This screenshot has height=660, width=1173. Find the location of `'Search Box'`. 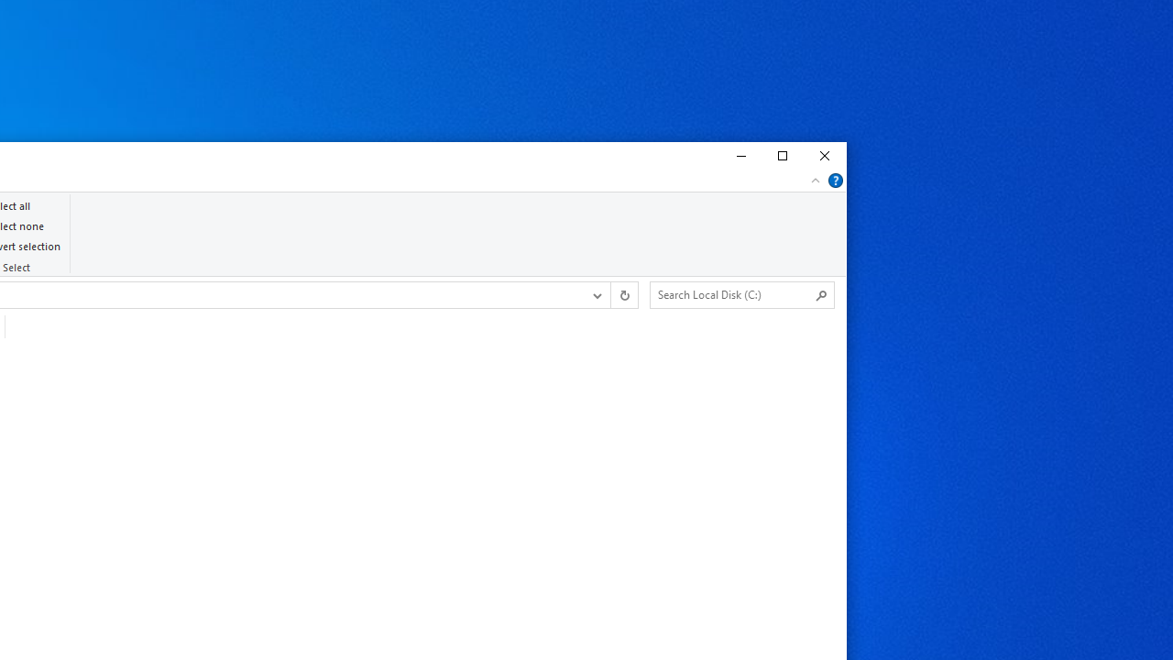

'Search Box' is located at coordinates (733, 293).